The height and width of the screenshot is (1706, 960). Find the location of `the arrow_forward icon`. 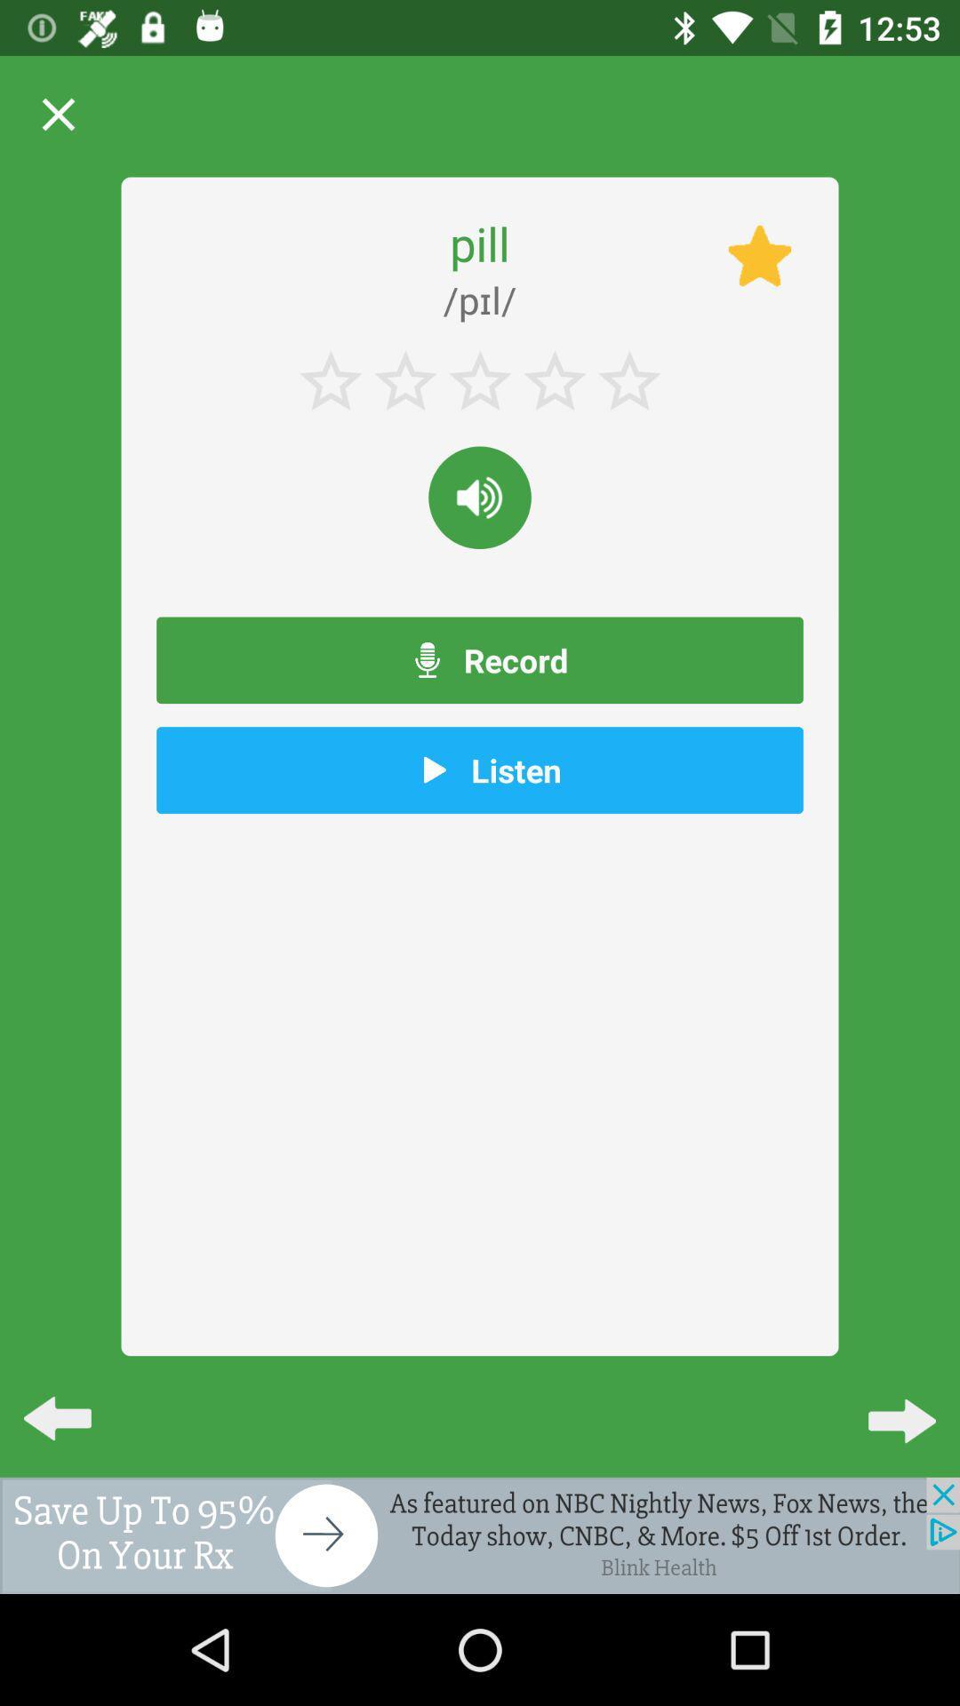

the arrow_forward icon is located at coordinates (887, 1403).